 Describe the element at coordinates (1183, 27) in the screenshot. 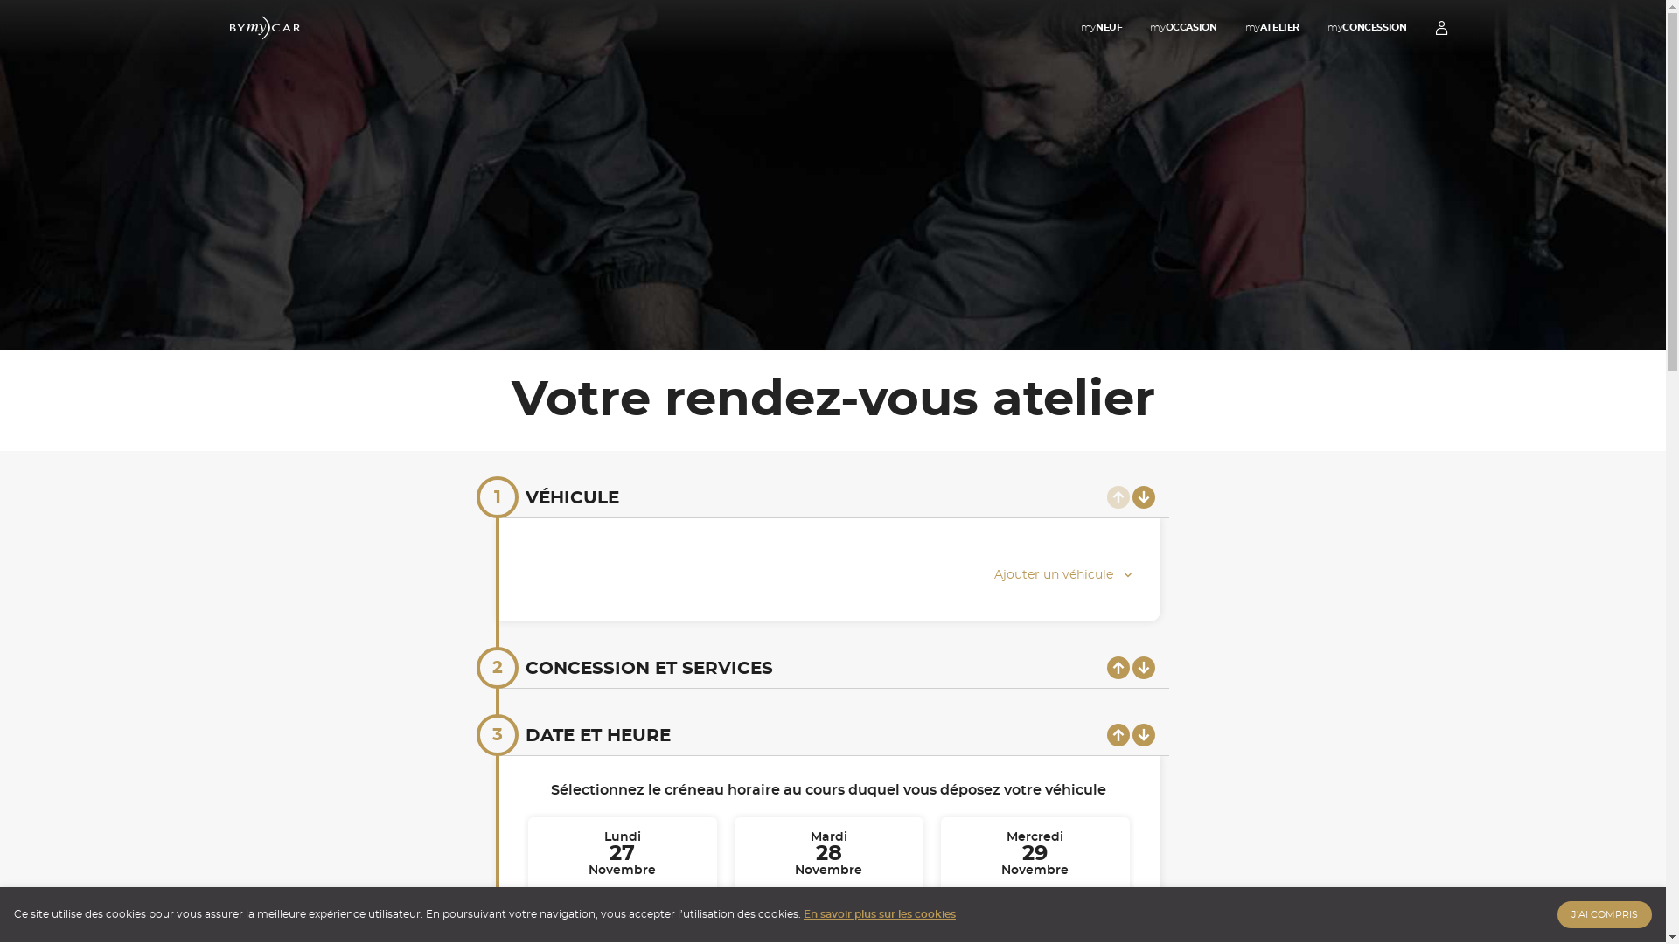

I see `'my` at that location.